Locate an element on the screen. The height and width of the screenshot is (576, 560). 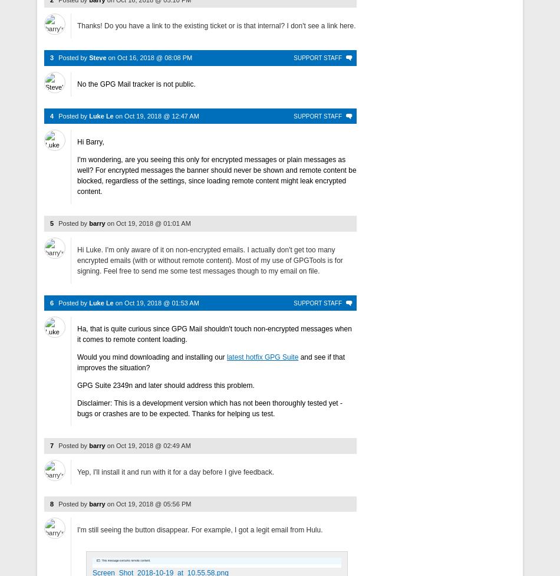
'6' is located at coordinates (50, 302).